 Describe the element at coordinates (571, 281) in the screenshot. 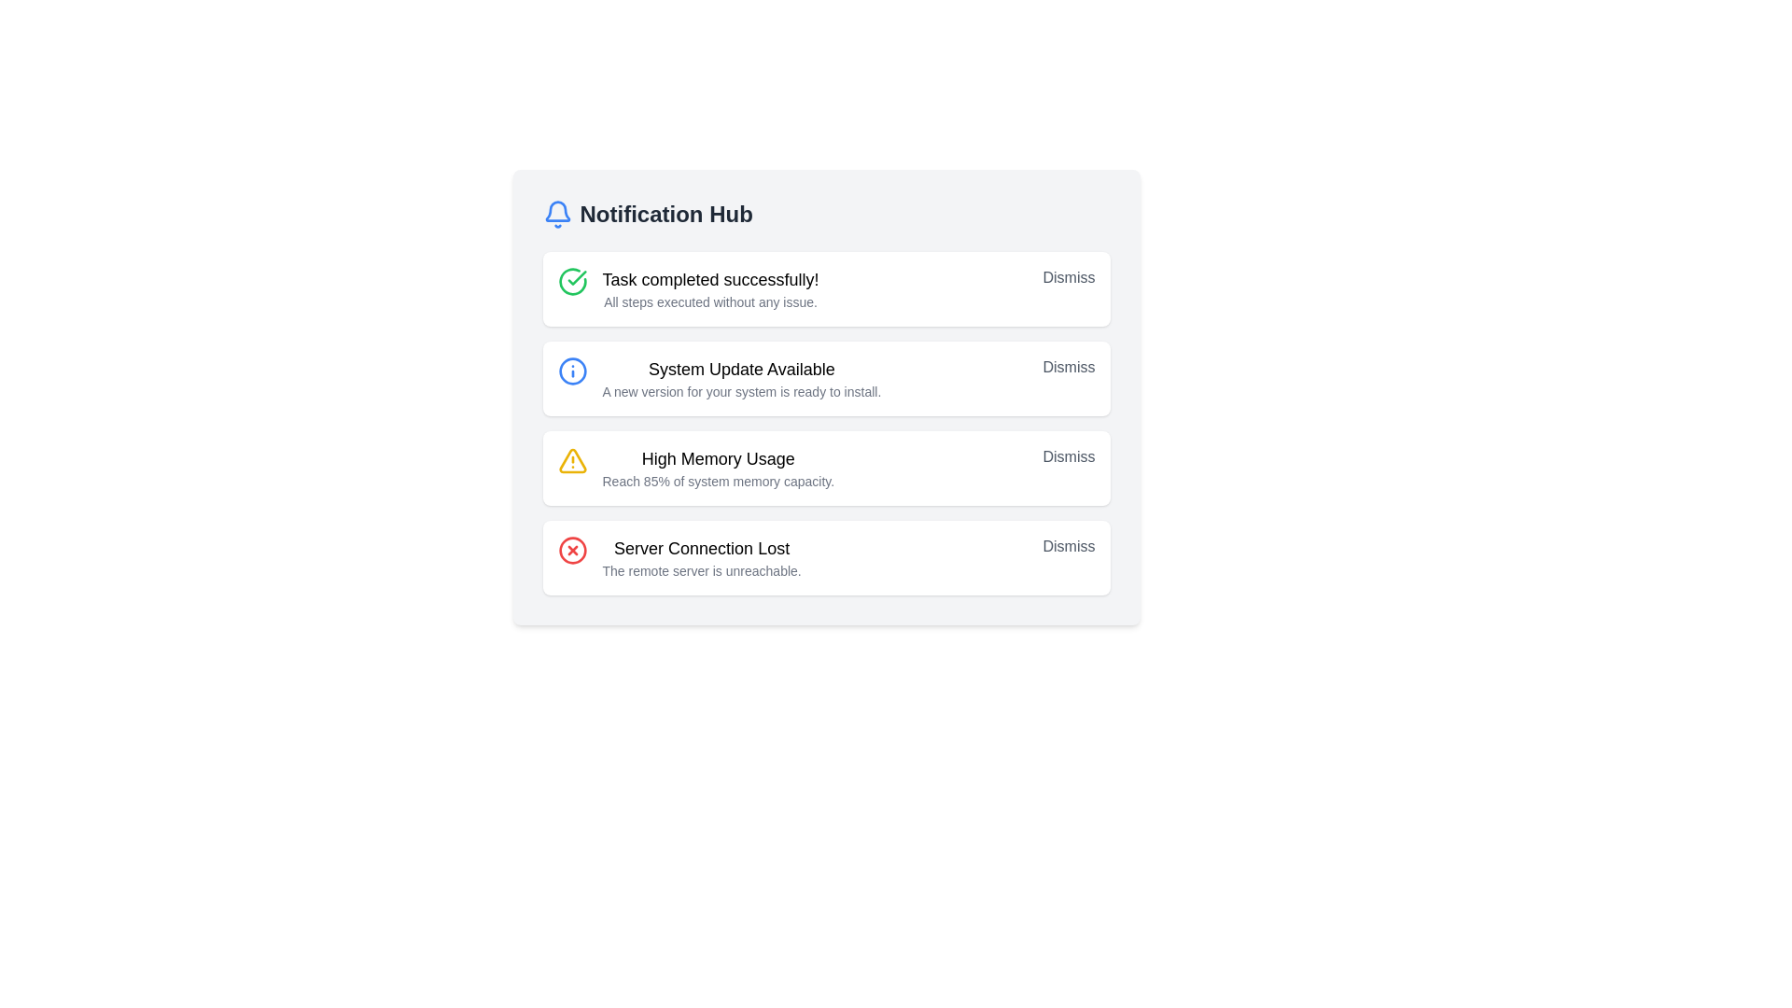

I see `the green circular checkmark icon located at the left part of the notification message indicating 'Task completed successfully!'` at that location.